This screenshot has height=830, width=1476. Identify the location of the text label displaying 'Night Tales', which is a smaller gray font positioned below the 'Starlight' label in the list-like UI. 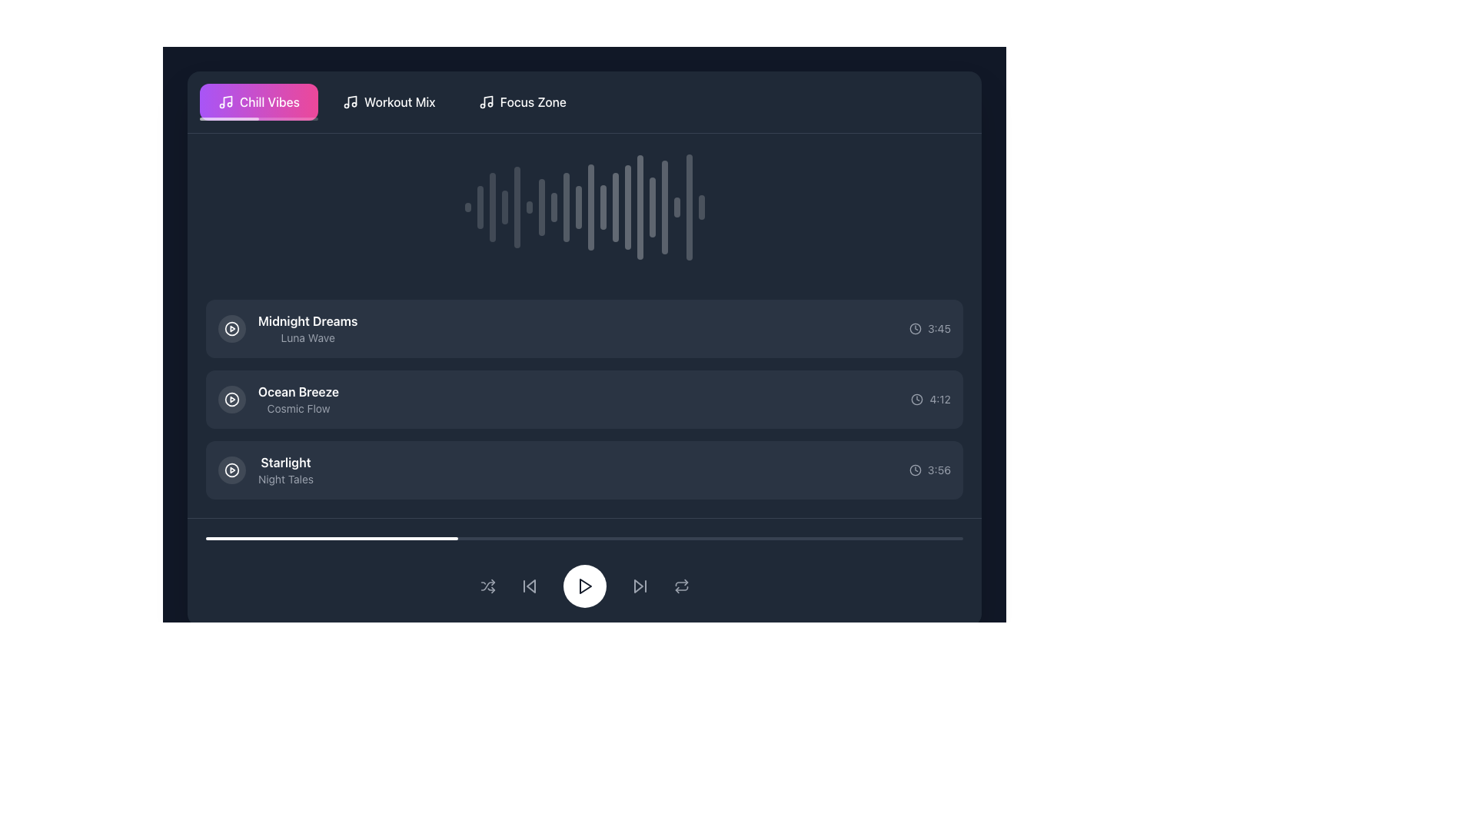
(286, 479).